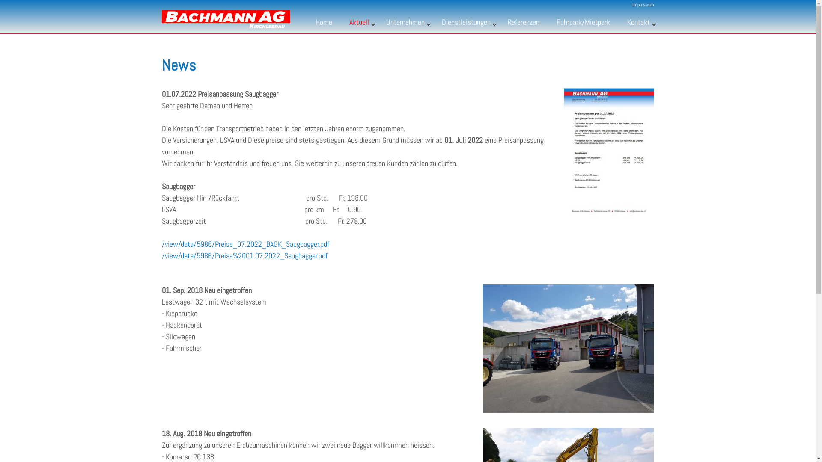 Image resolution: width=822 pixels, height=462 pixels. What do you see at coordinates (323, 24) in the screenshot?
I see `'Home'` at bounding box center [323, 24].